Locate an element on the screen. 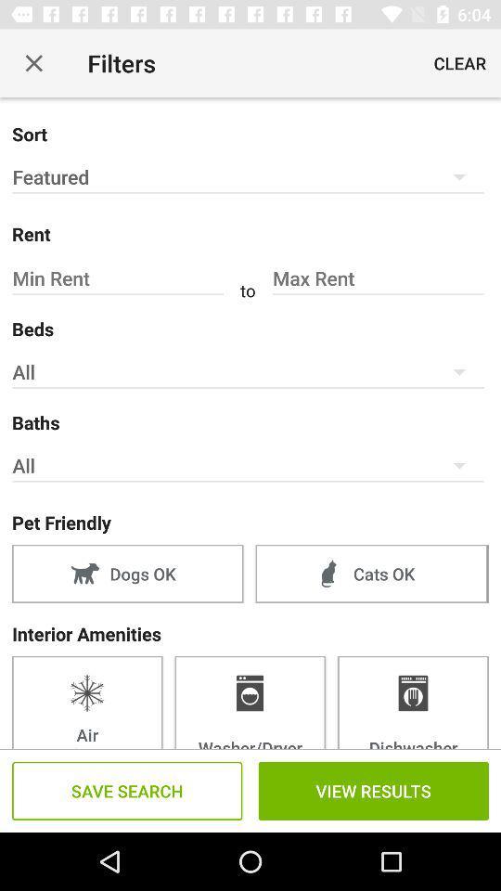  minimum rent is located at coordinates (120, 278).